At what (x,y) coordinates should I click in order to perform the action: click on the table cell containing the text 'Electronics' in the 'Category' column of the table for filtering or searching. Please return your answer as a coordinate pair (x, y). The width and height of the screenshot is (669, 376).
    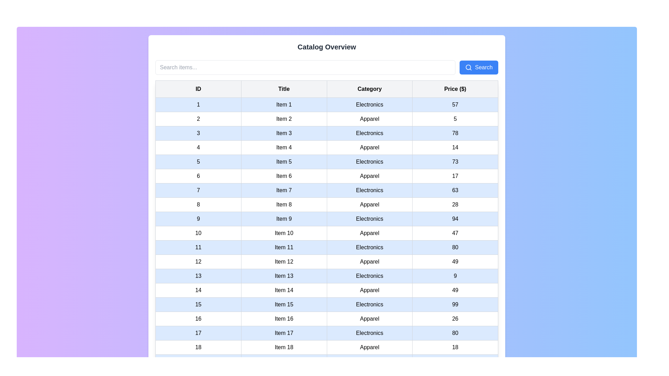
    Looking at the image, I should click on (369, 133).